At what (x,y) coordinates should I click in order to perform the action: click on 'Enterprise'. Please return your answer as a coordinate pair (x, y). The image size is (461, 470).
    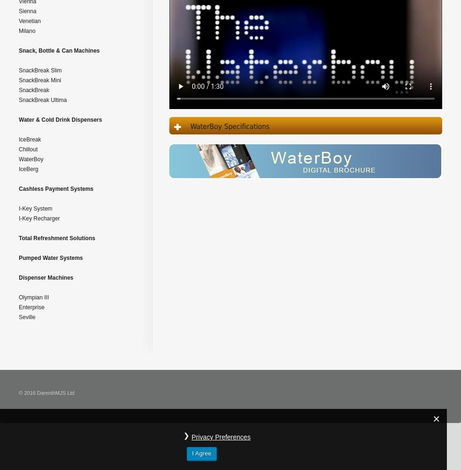
    Looking at the image, I should click on (18, 307).